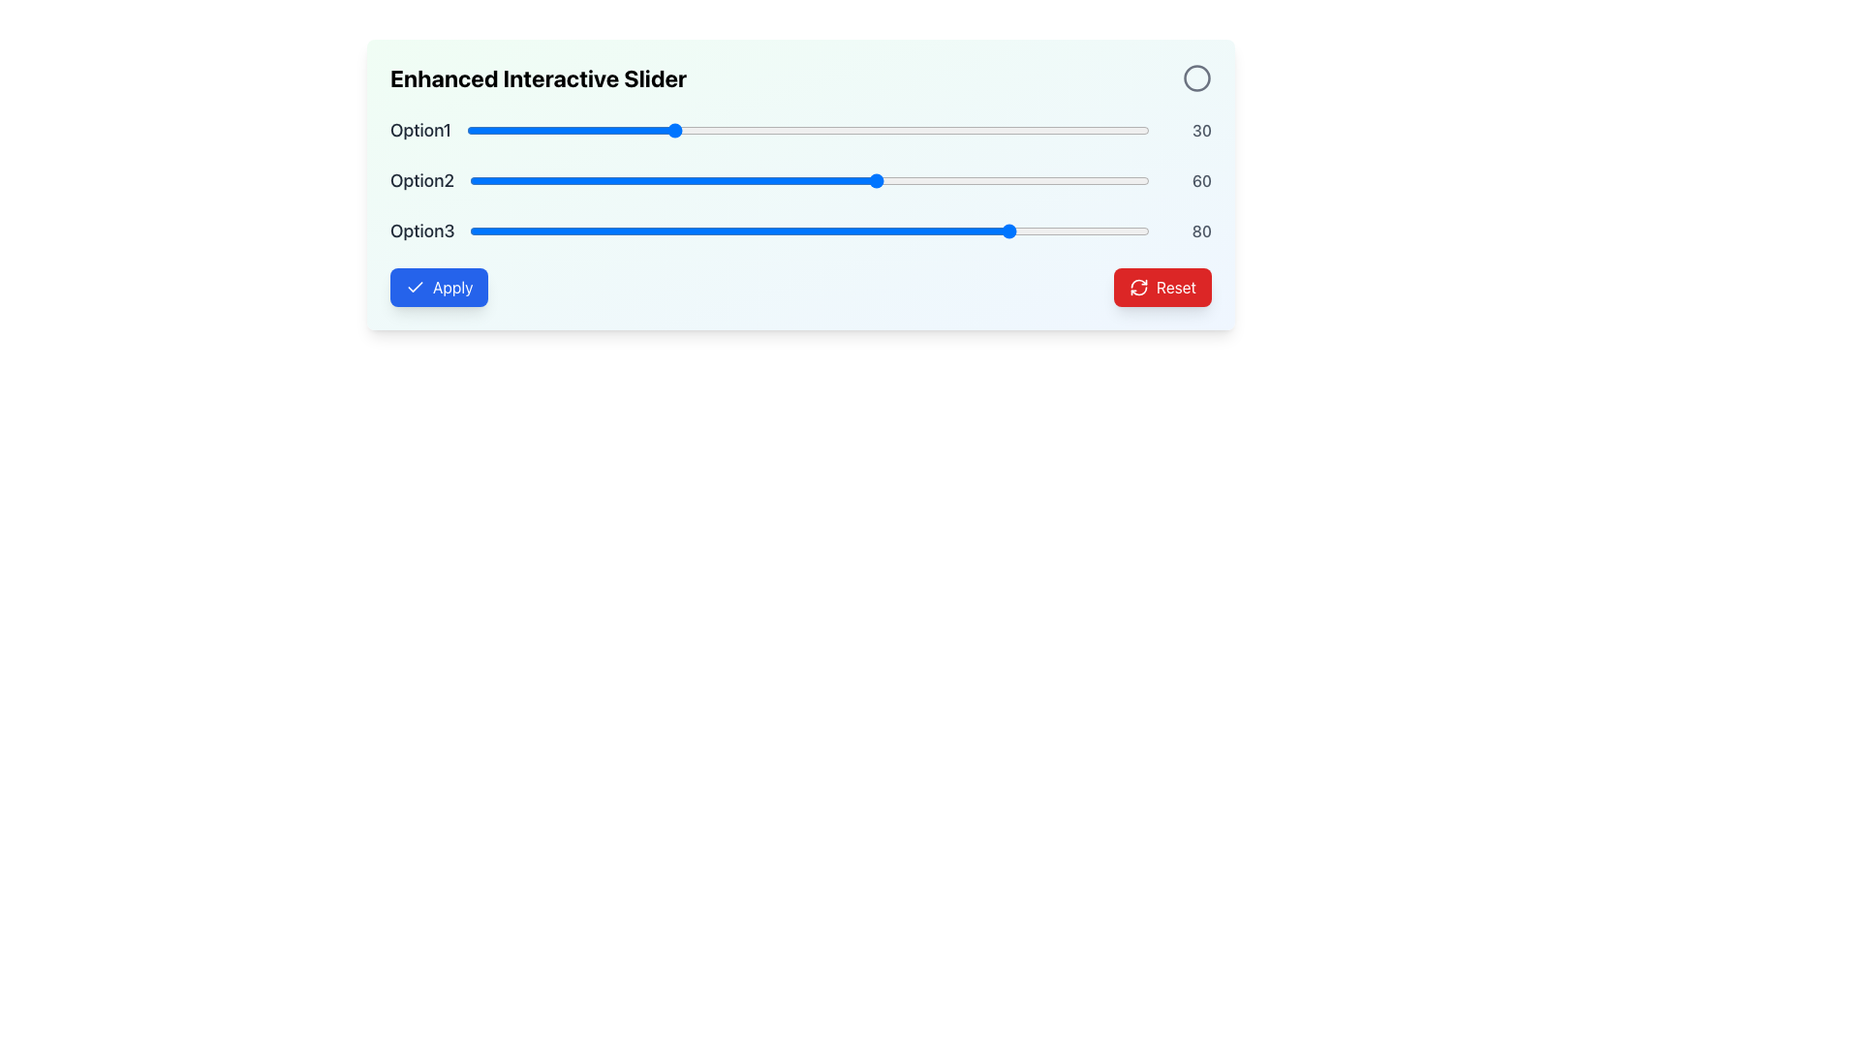 This screenshot has width=1860, height=1046. Describe the element at coordinates (591, 180) in the screenshot. I see `the slider for 'Option2'` at that location.